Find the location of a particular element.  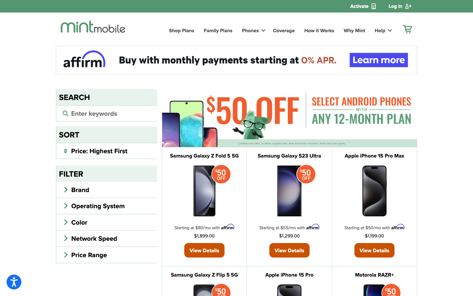

Samsung Galaxy Phone is located at coordinates (289, 155).